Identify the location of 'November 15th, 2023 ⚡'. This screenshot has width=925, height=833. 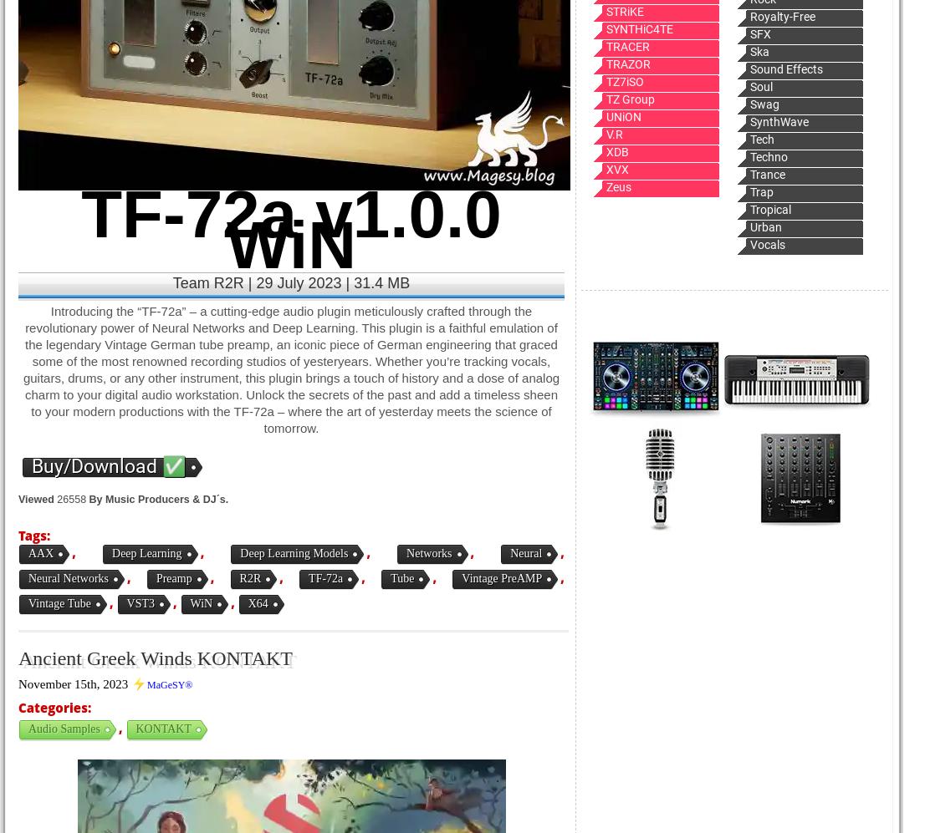
(82, 684).